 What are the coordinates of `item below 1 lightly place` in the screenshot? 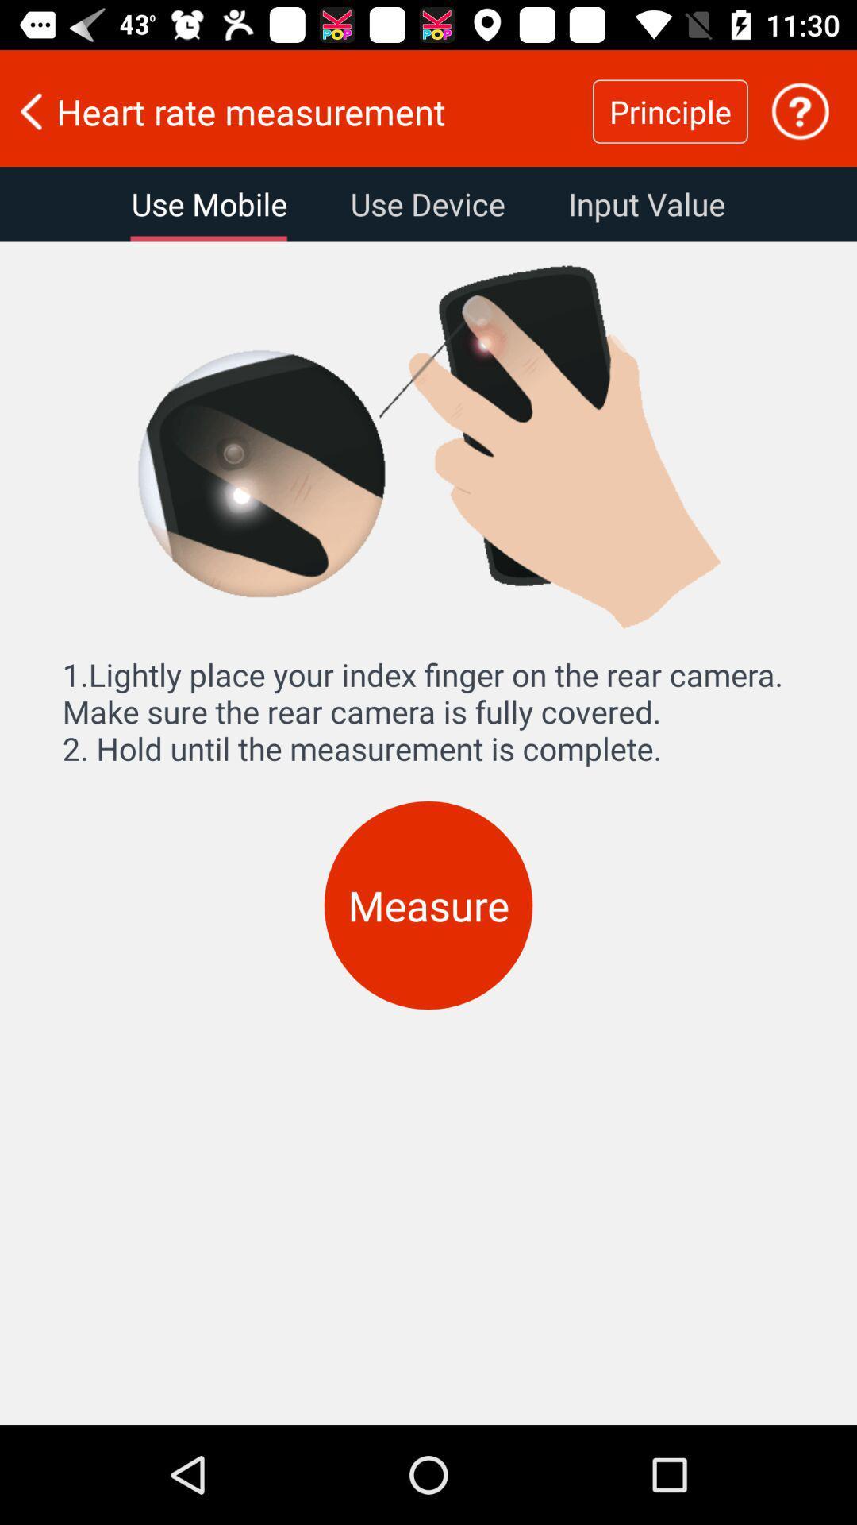 It's located at (428, 905).